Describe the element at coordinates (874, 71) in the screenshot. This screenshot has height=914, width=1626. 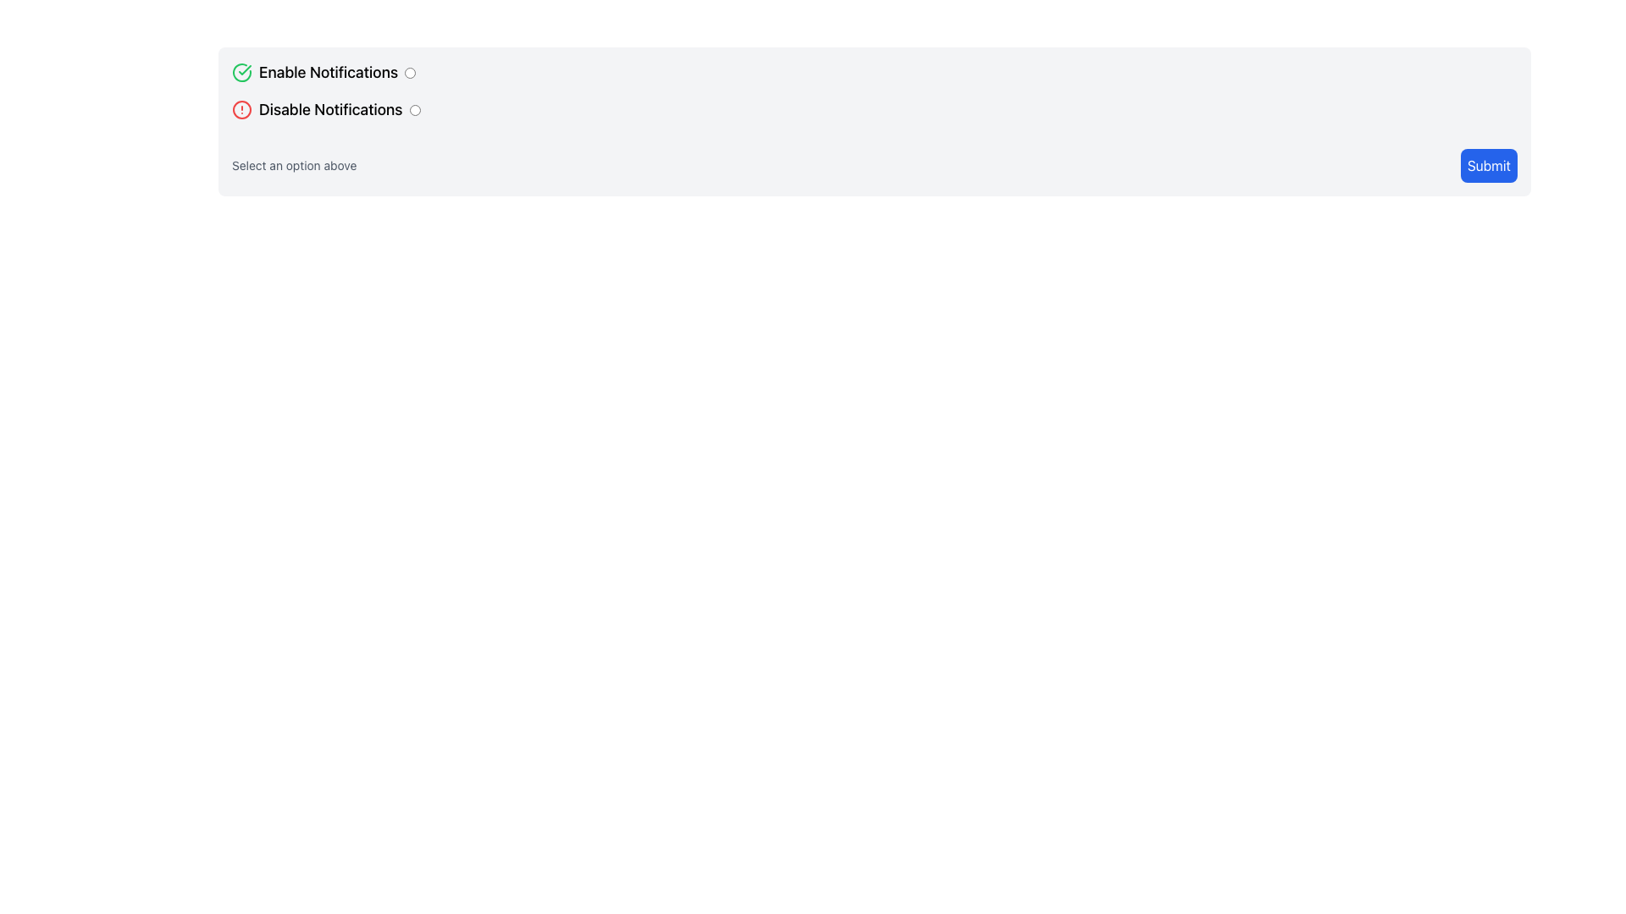
I see `the checkbox labeled 'Enable Notifications'` at that location.